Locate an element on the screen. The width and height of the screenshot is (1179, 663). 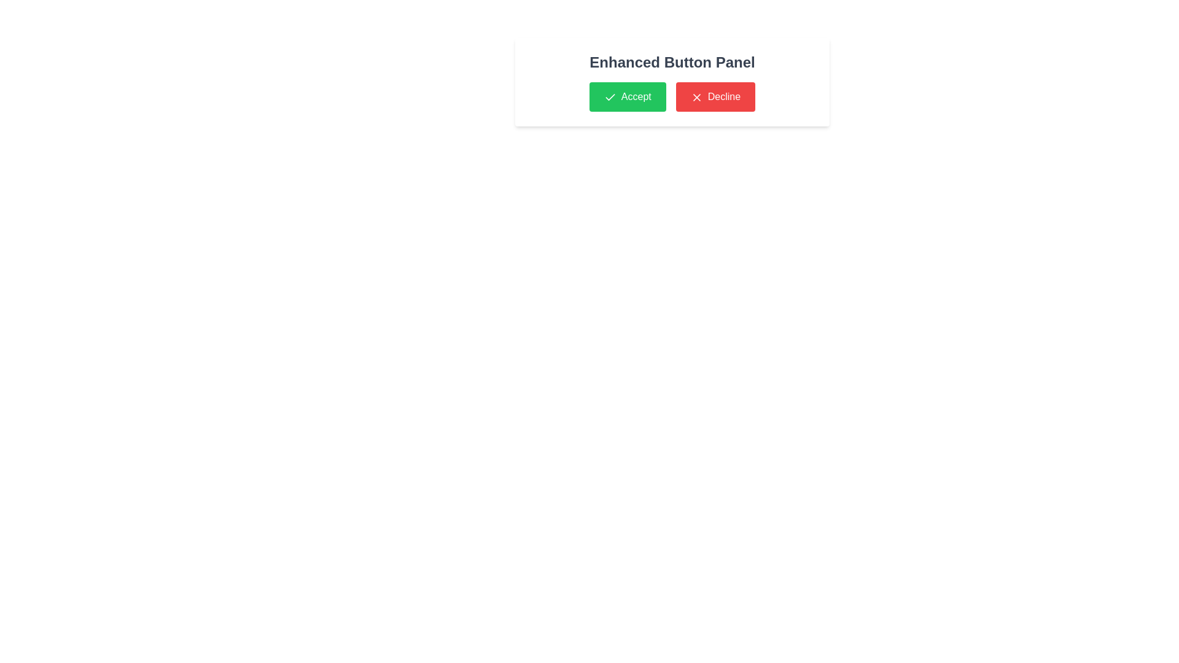
the Text Label element that serves as the title or header for the containing panel, positioned at the top center above the 'Accept' and 'Decline' buttons is located at coordinates (671, 62).